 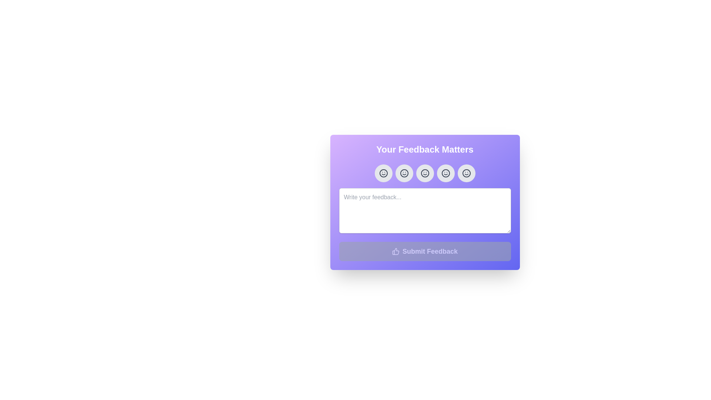 What do you see at coordinates (425, 173) in the screenshot?
I see `the third icon from the left in the feedback input interface` at bounding box center [425, 173].